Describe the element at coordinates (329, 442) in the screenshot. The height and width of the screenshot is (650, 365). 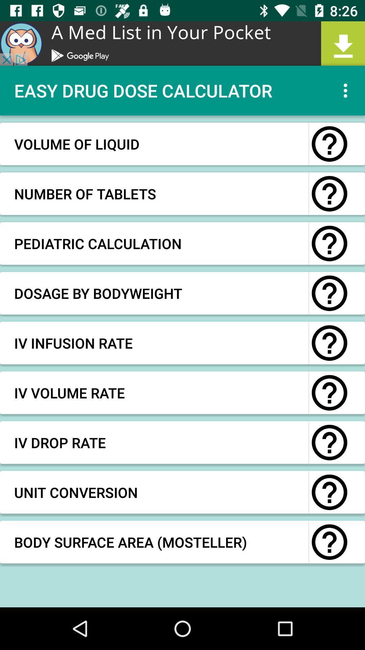
I see `symbol` at that location.